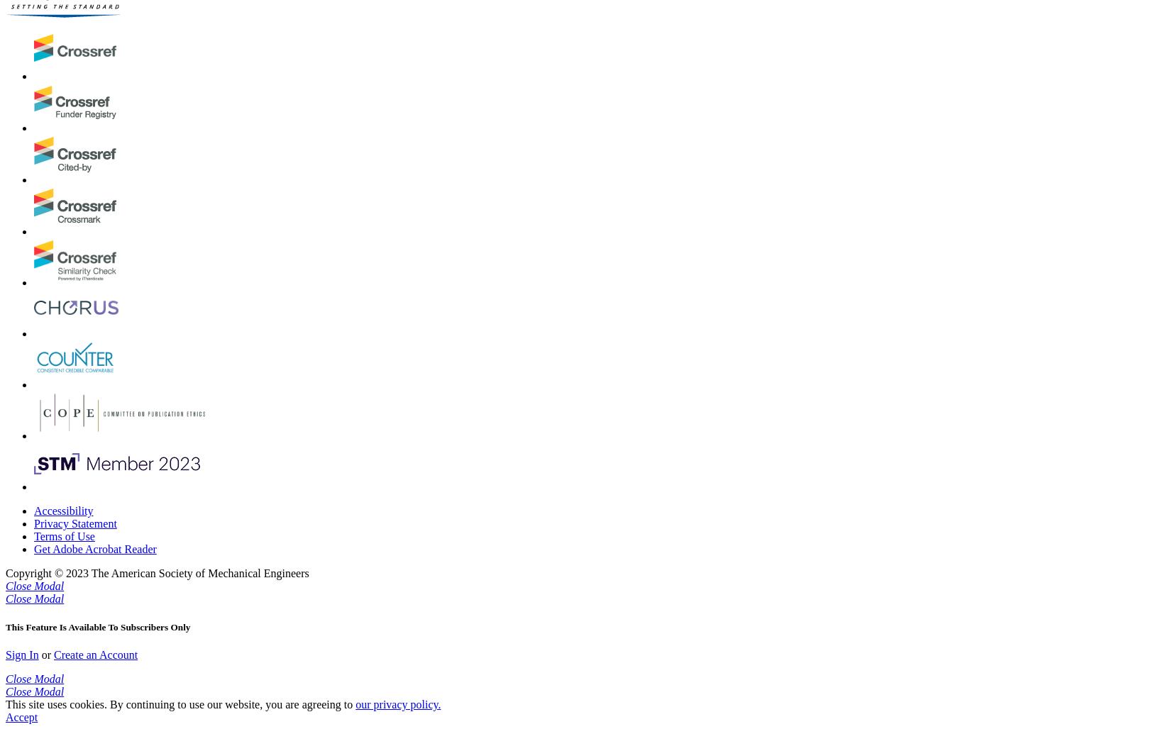 This screenshot has height=729, width=1175. Describe the element at coordinates (21, 654) in the screenshot. I see `'Sign In'` at that location.